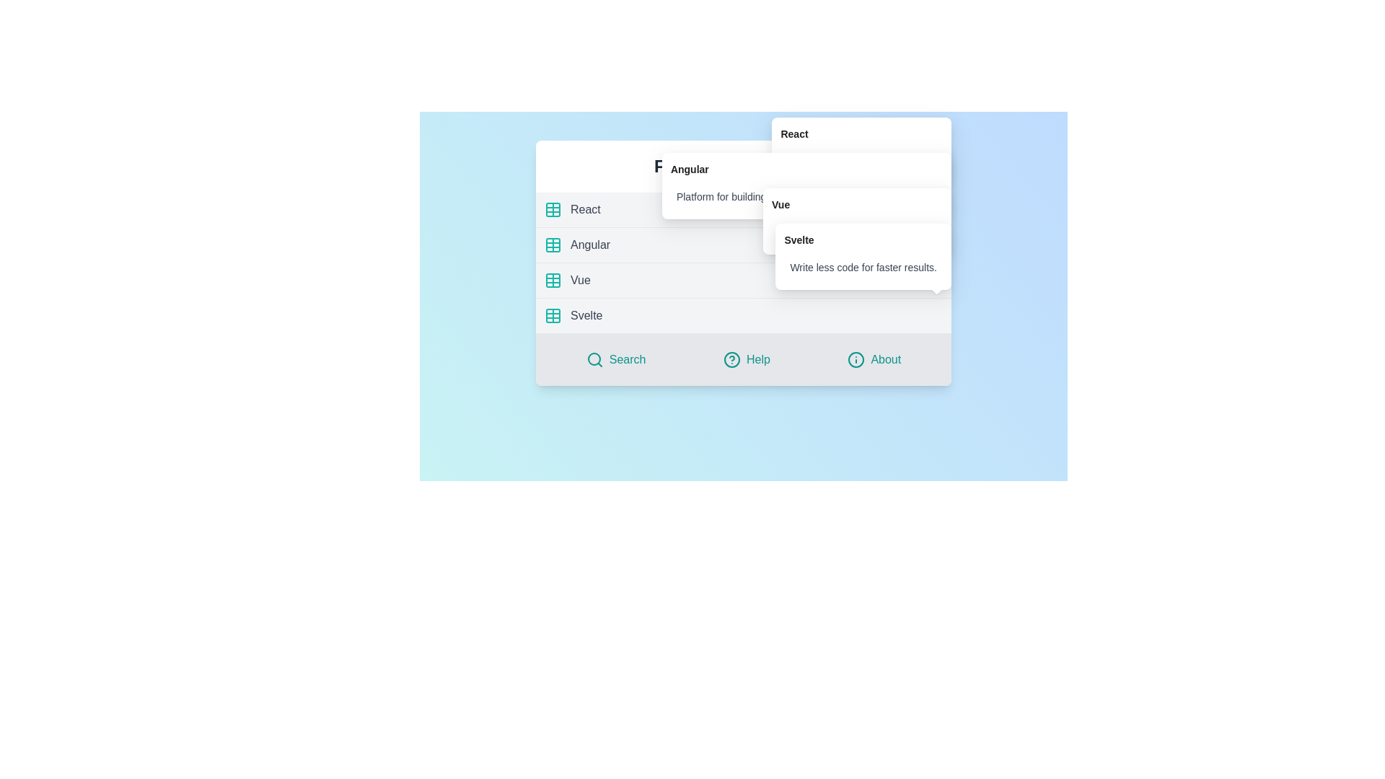  Describe the element at coordinates (553, 244) in the screenshot. I see `the teal rectangular vector graphic icon that is part of the SVG element, located to the left of the 'Angular' label in the vertical list of items` at that location.